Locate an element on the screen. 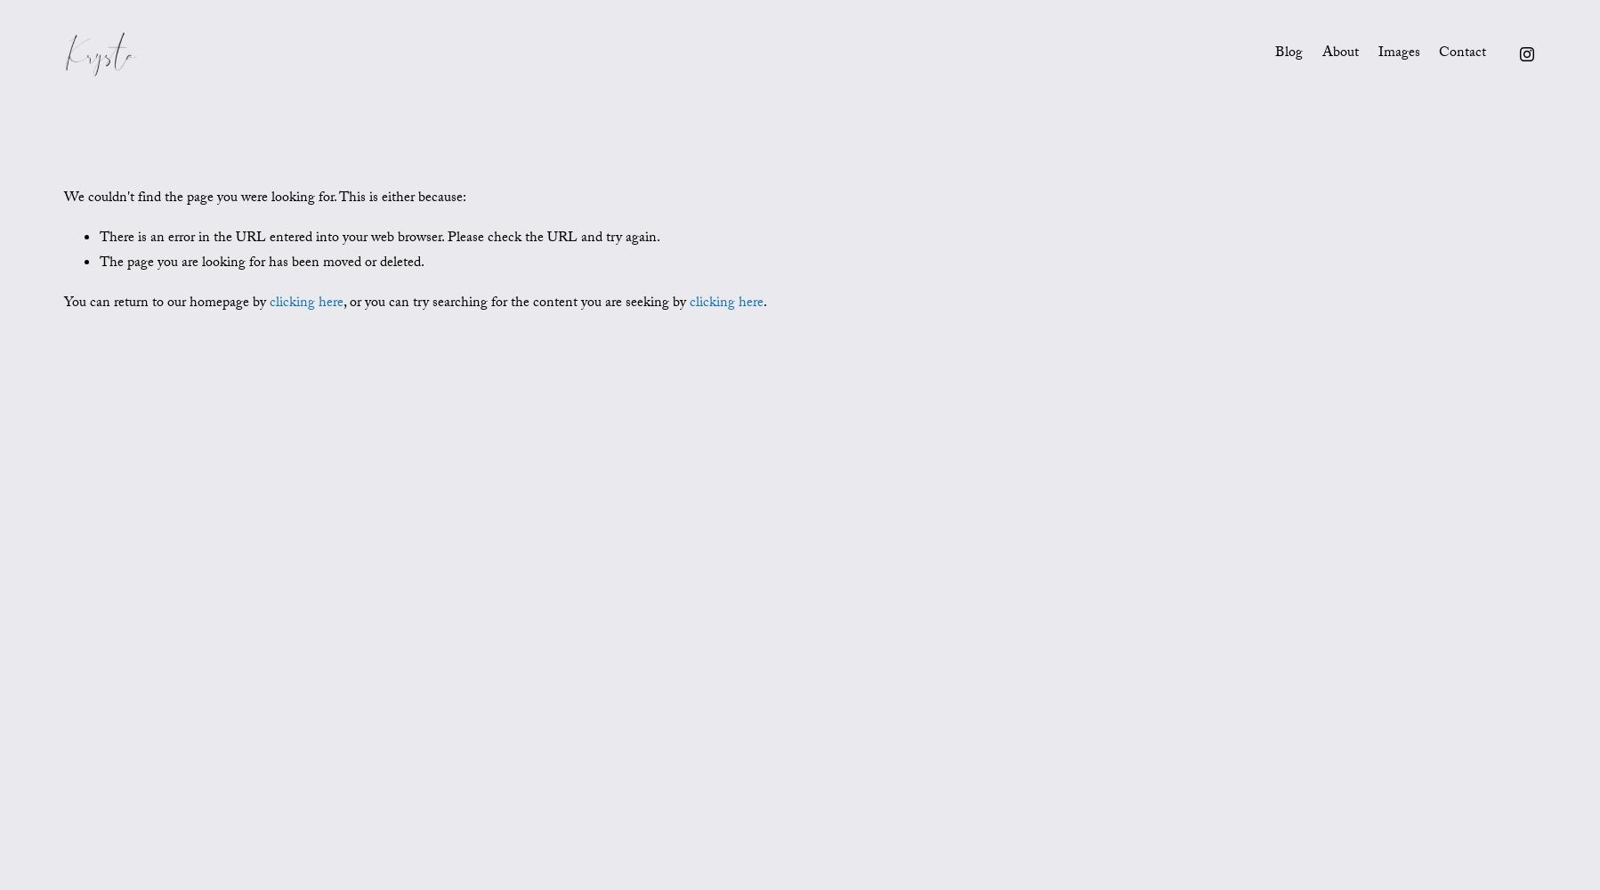 This screenshot has width=1600, height=890. 'About' is located at coordinates (1339, 53).